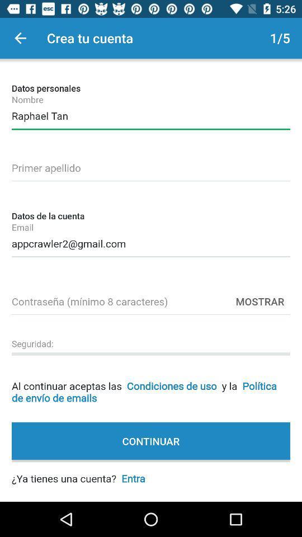 The width and height of the screenshot is (302, 537). What do you see at coordinates (259, 300) in the screenshot?
I see `the mostrar item` at bounding box center [259, 300].